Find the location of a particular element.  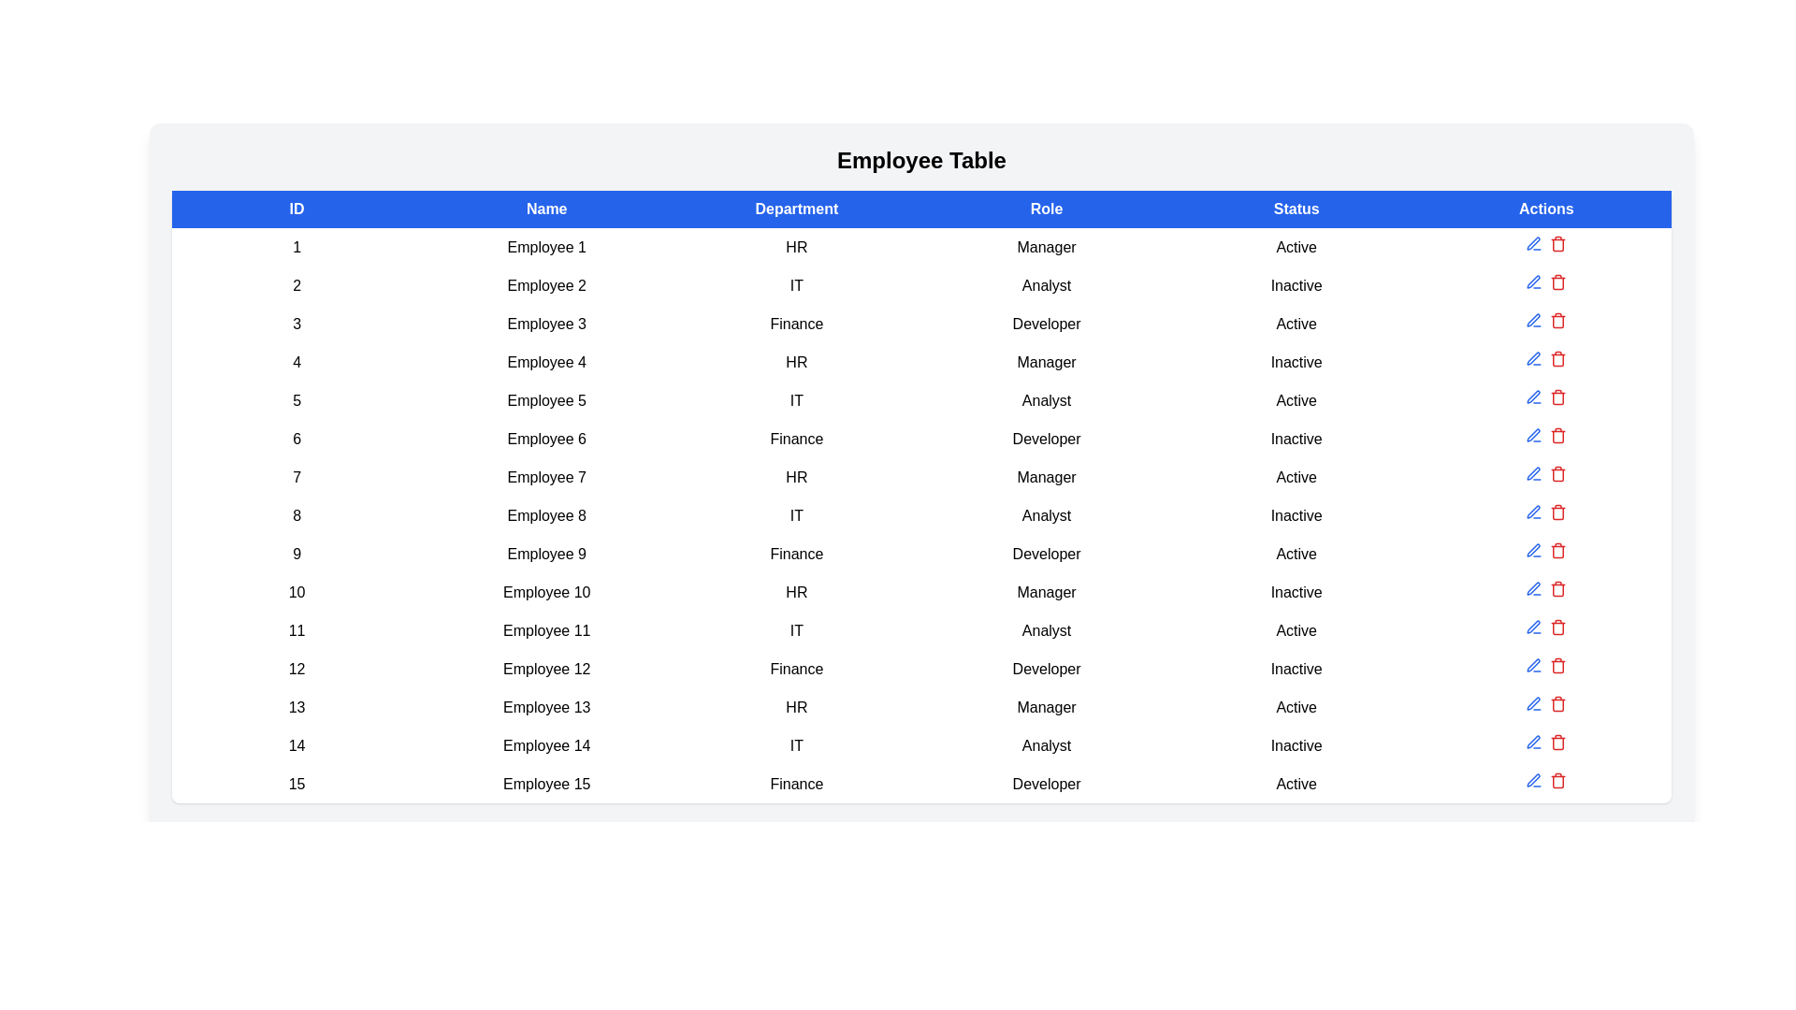

the column header labeled 'Department' to sort the table rows by that column is located at coordinates (796, 209).